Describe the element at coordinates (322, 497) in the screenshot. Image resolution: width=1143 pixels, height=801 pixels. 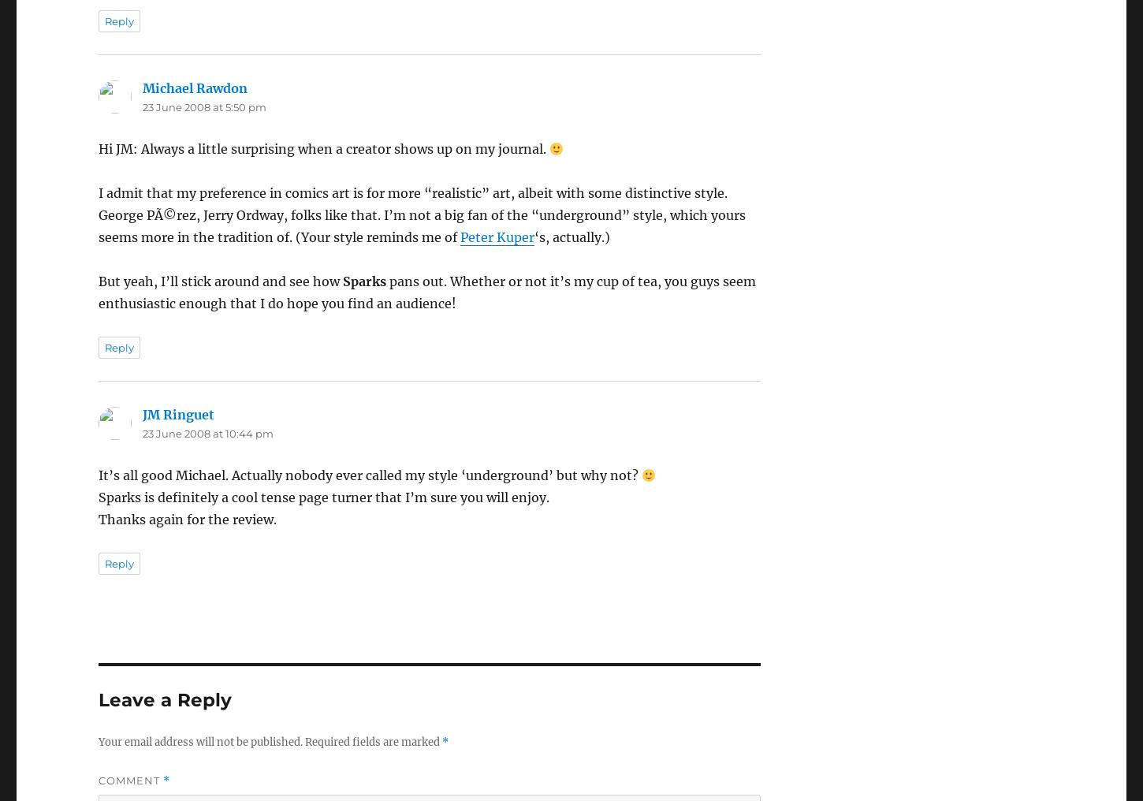
I see `'Sparks is definitely a cool tense page turner that I’m sure you will enjoy.'` at that location.